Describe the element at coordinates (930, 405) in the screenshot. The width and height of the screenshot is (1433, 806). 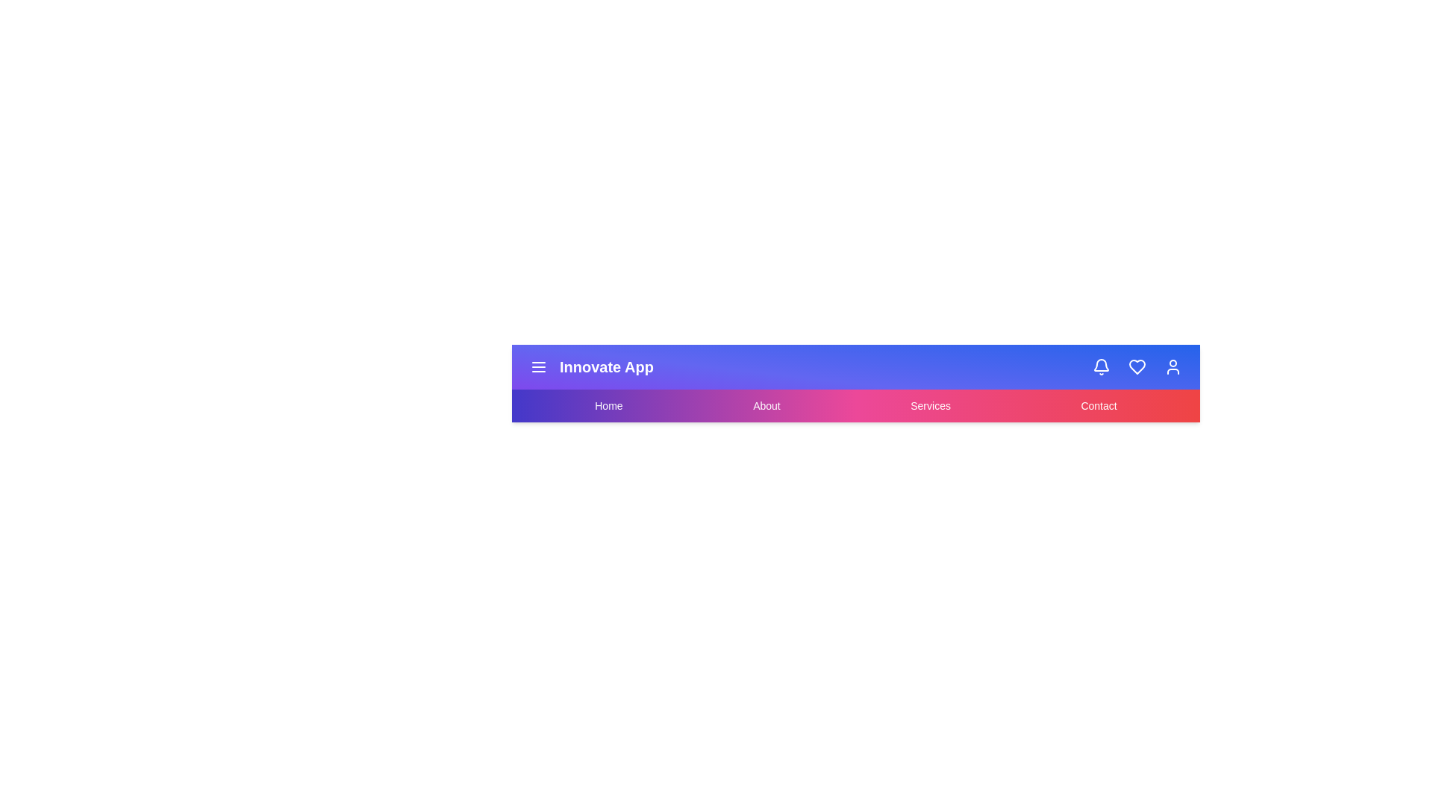
I see `the Services navigation menu item` at that location.